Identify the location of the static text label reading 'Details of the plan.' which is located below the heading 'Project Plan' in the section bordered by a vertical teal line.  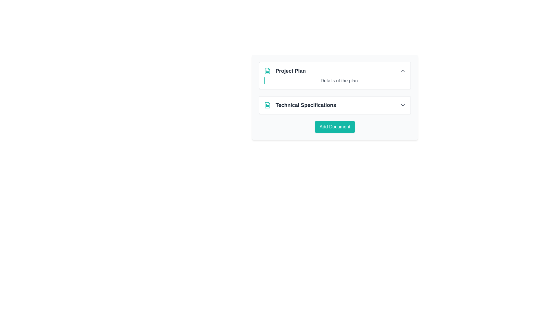
(340, 81).